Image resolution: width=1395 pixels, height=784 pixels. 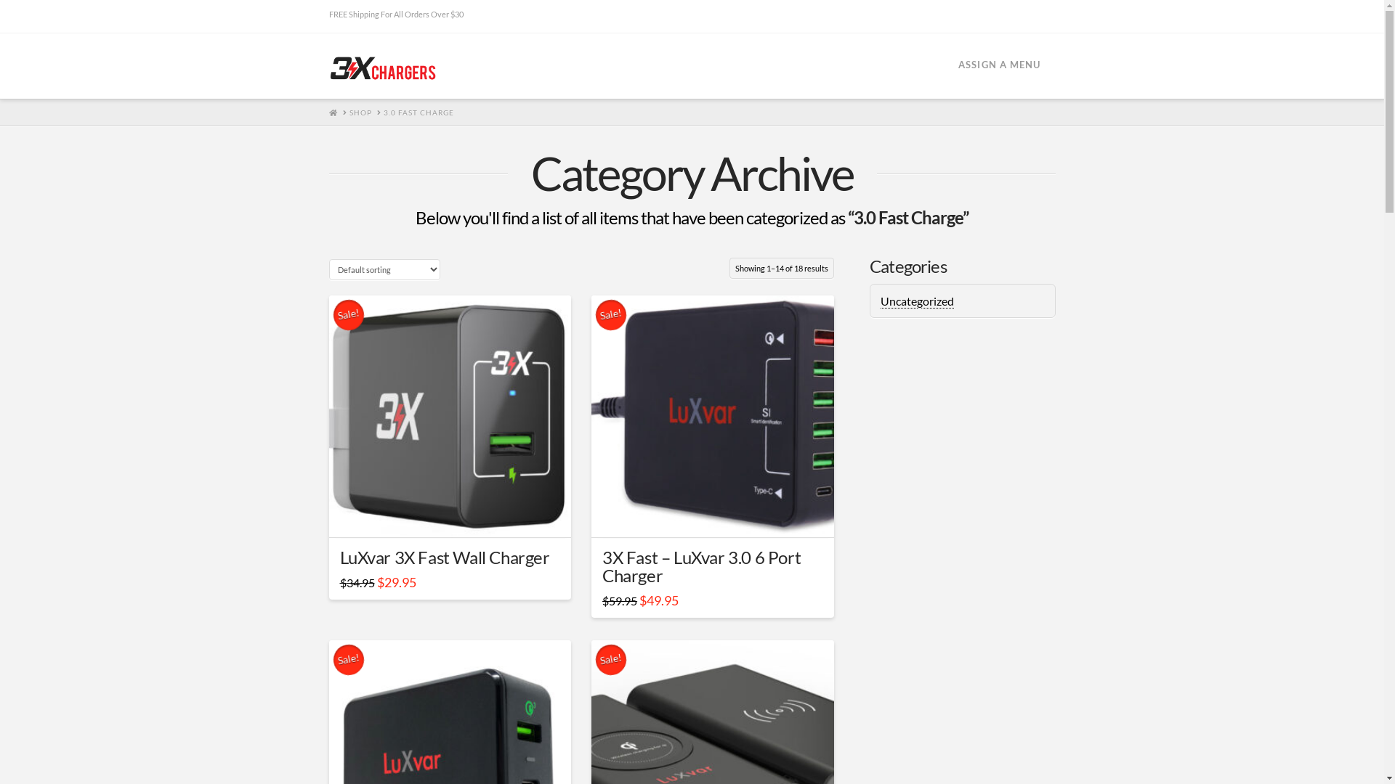 I want to click on 'HOME', so click(x=331, y=111).